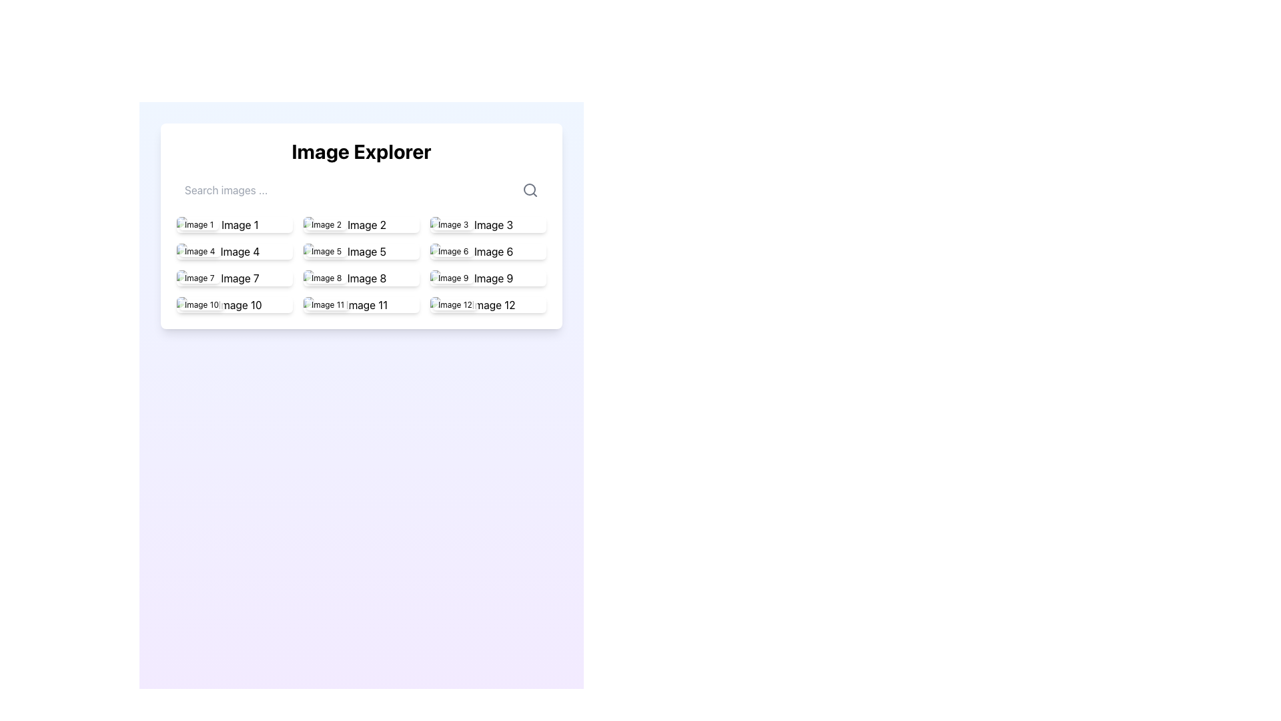 Image resolution: width=1281 pixels, height=721 pixels. I want to click on the image thumbnail with label located, so click(362, 304).